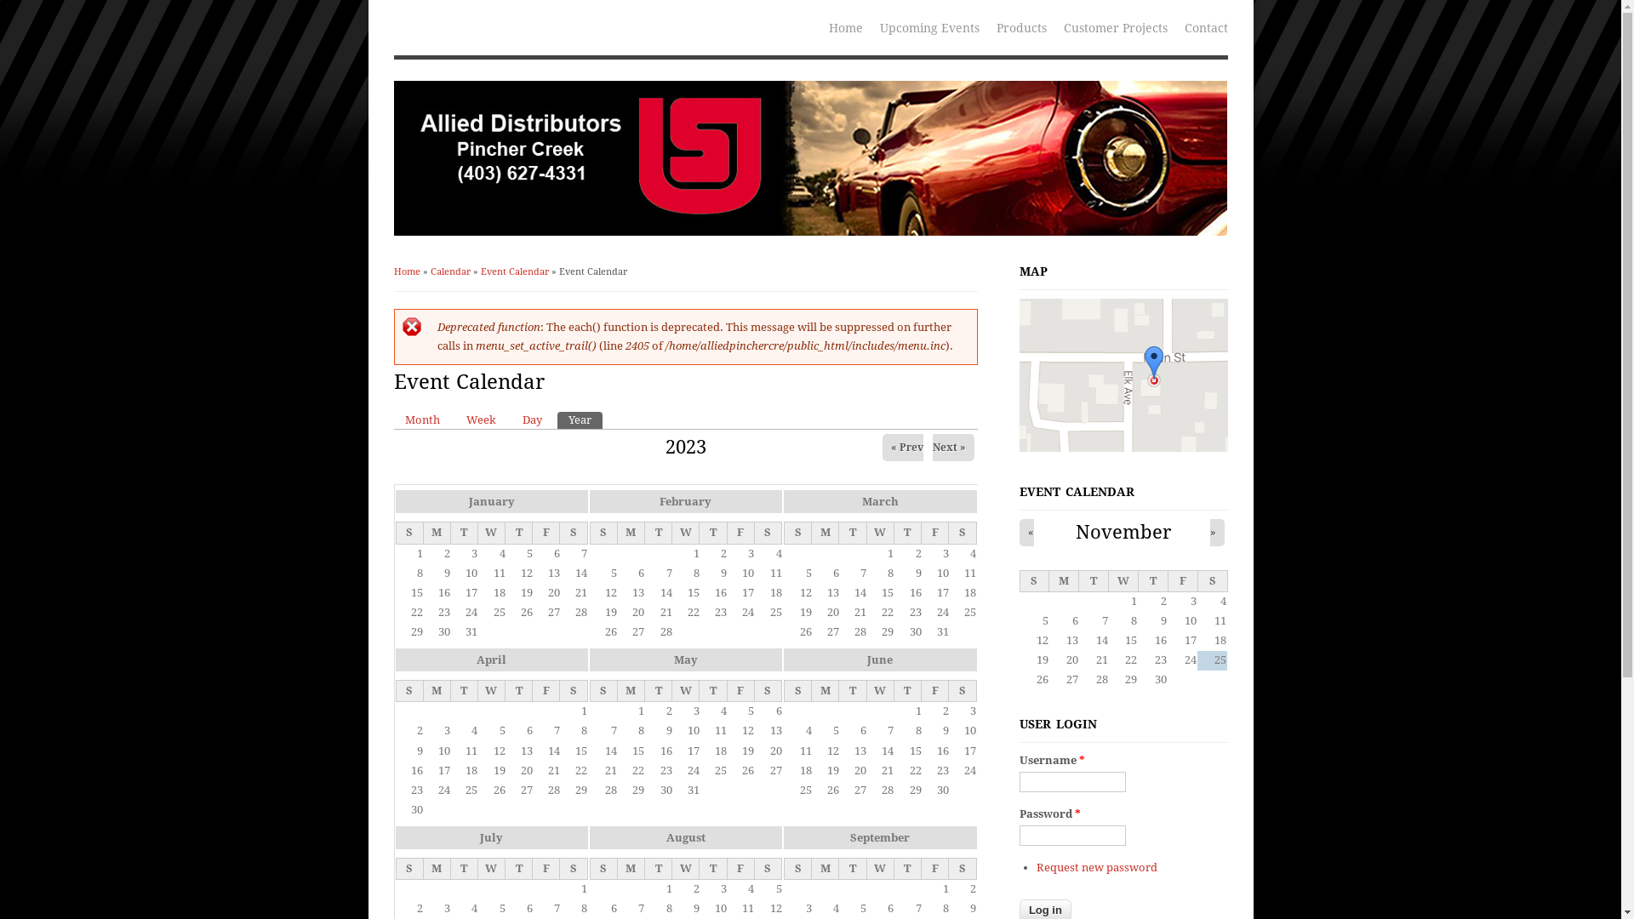  Describe the element at coordinates (685, 500) in the screenshot. I see `'February'` at that location.